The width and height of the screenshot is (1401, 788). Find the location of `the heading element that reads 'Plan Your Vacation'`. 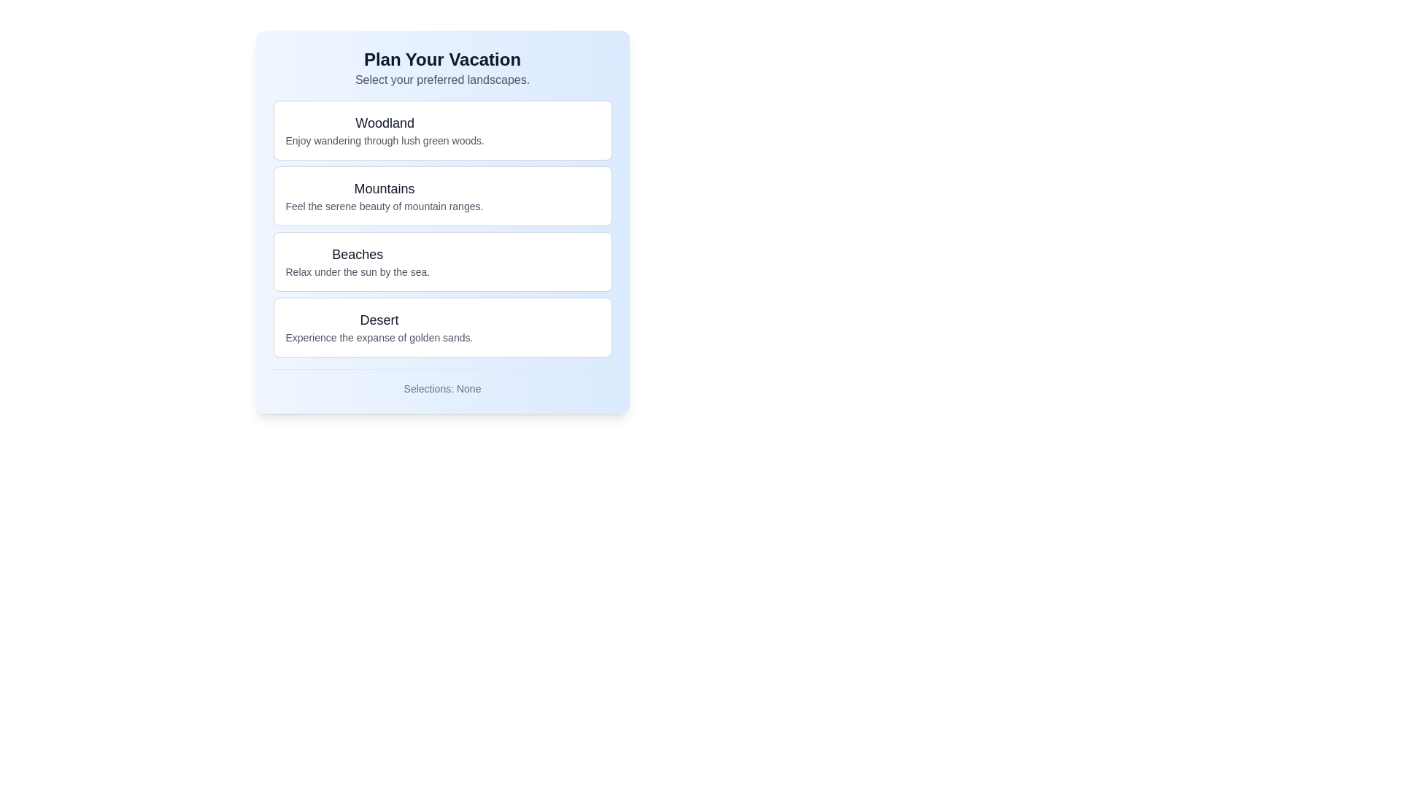

the heading element that reads 'Plan Your Vacation' is located at coordinates (441, 68).